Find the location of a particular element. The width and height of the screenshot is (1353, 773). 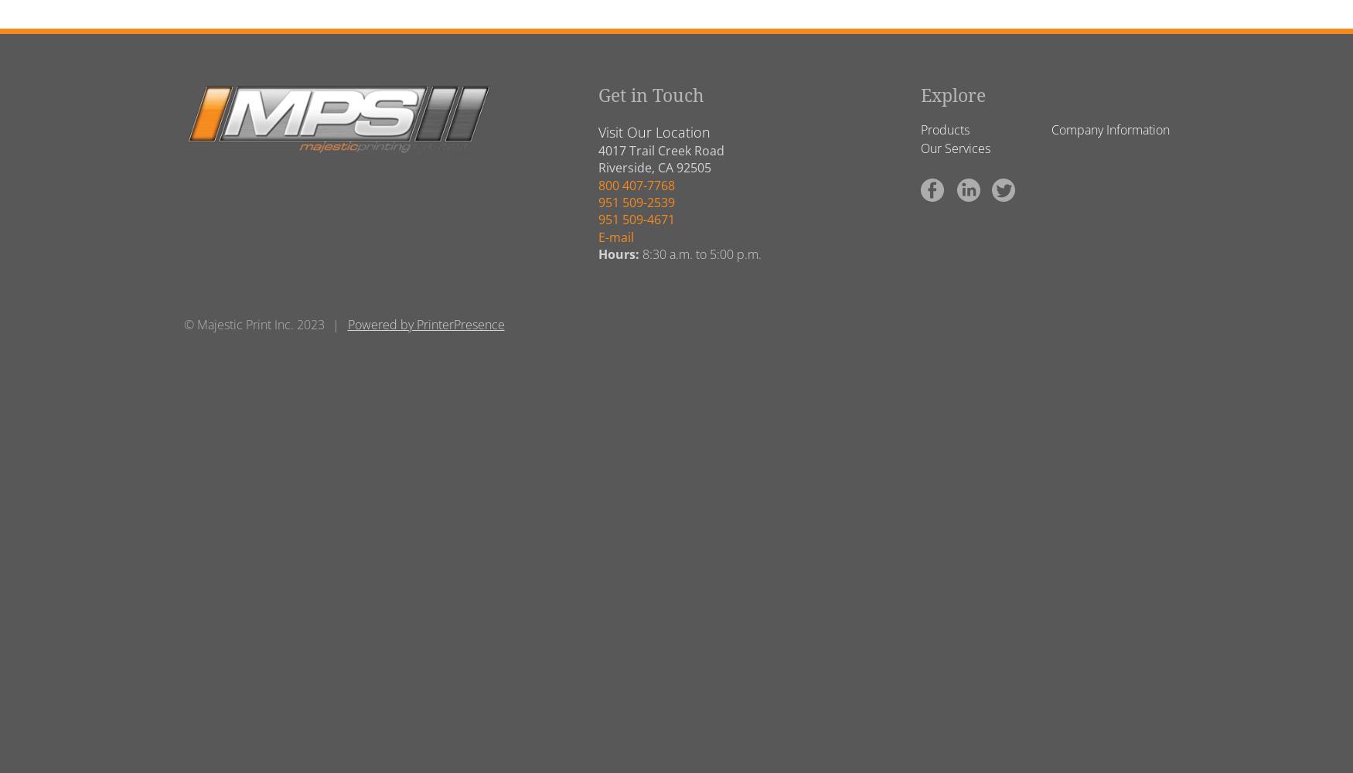

'© Majestic Print Inc. 2023' is located at coordinates (253, 324).